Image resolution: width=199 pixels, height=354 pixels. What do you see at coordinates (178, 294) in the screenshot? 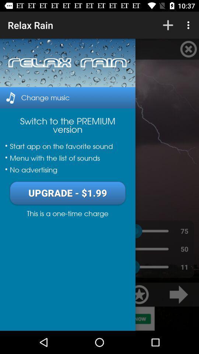
I see `the arrow_forward icon` at bounding box center [178, 294].